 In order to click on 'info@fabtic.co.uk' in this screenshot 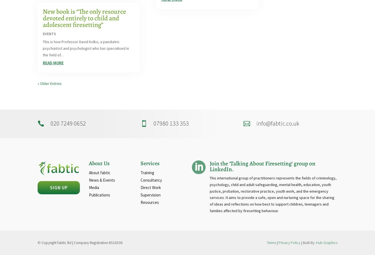, I will do `click(277, 123)`.